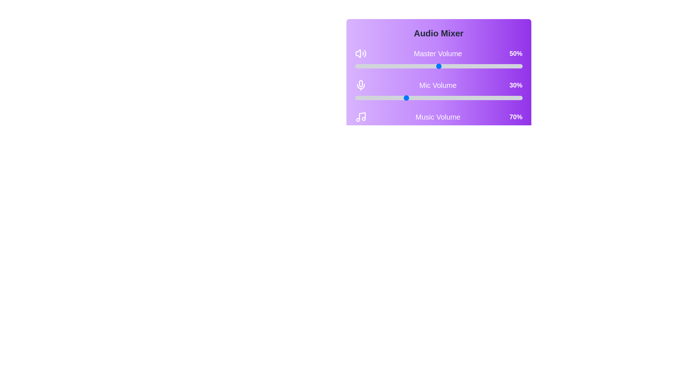 The width and height of the screenshot is (693, 389). I want to click on the microphone volume, so click(489, 98).